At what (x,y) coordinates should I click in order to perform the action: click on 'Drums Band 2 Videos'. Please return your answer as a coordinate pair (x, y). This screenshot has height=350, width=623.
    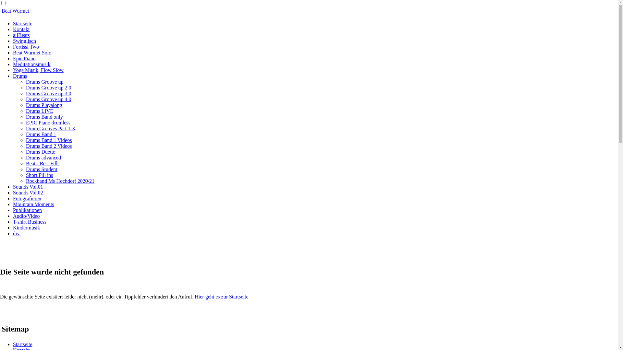
    Looking at the image, I should click on (48, 146).